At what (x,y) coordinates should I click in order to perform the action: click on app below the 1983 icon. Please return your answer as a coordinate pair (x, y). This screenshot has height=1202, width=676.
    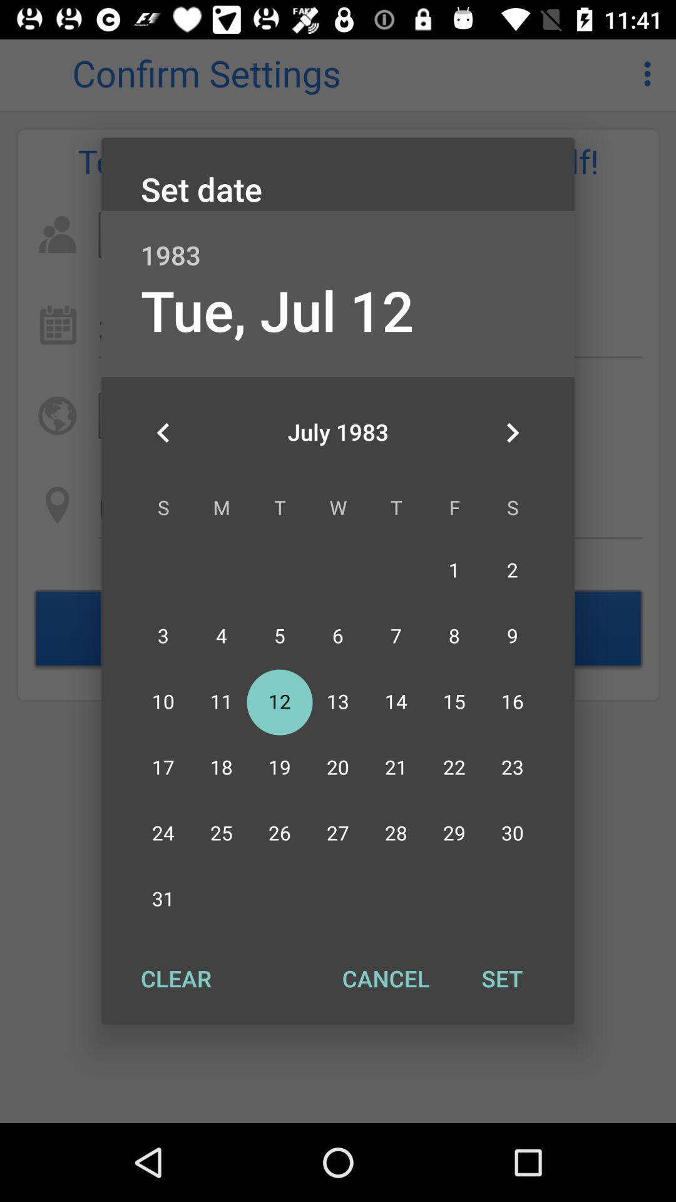
    Looking at the image, I should click on (512, 433).